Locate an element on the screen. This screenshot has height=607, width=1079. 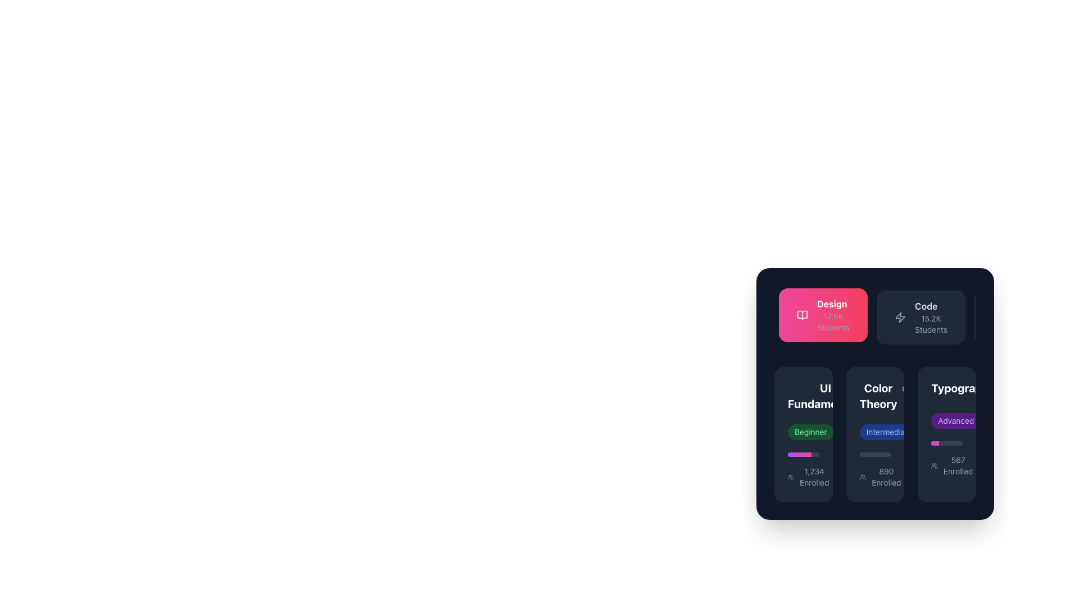
the text displaying '1h 45m' styled in light gray color, which is paired with a clock icon and positioned to the right of the 'Intermediate' label is located at coordinates (941, 431).